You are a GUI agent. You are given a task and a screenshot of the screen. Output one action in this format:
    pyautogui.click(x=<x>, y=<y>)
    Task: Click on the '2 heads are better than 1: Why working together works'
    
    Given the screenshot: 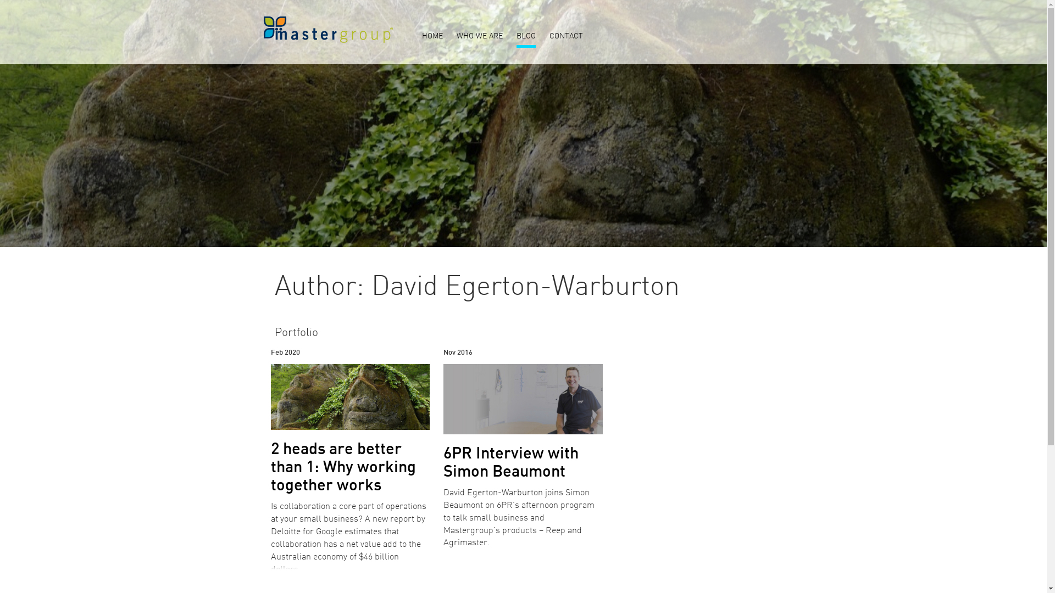 What is the action you would take?
    pyautogui.click(x=342, y=468)
    